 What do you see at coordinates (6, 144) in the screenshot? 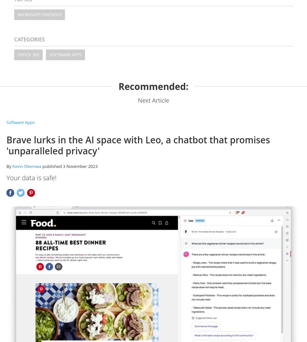
I see `'Brave lurks in the AI space with Leo, a chatbot that promises 'unparalleled privacy''` at bounding box center [6, 144].